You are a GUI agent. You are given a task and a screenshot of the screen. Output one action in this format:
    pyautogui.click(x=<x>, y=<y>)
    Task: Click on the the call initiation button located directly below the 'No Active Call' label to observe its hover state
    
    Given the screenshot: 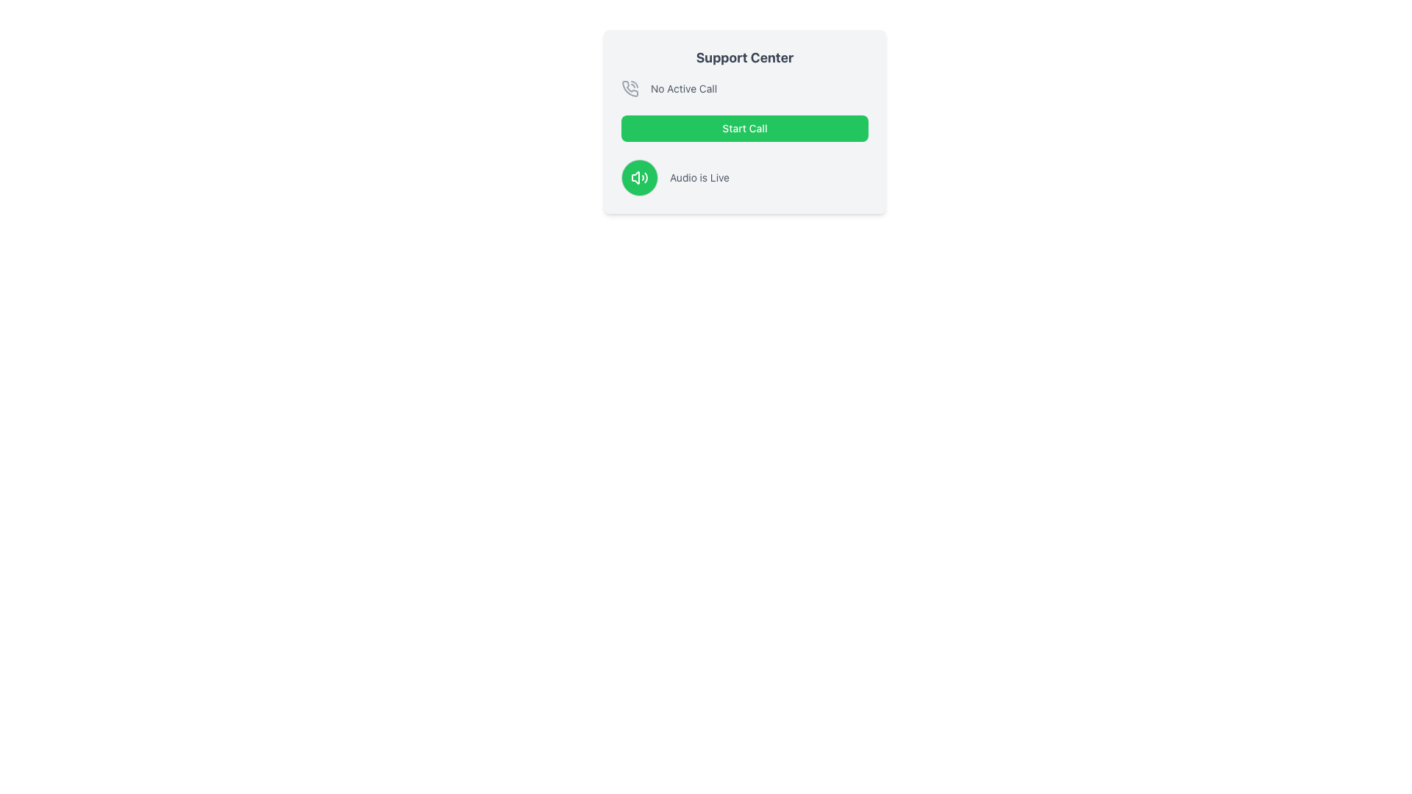 What is the action you would take?
    pyautogui.click(x=744, y=127)
    